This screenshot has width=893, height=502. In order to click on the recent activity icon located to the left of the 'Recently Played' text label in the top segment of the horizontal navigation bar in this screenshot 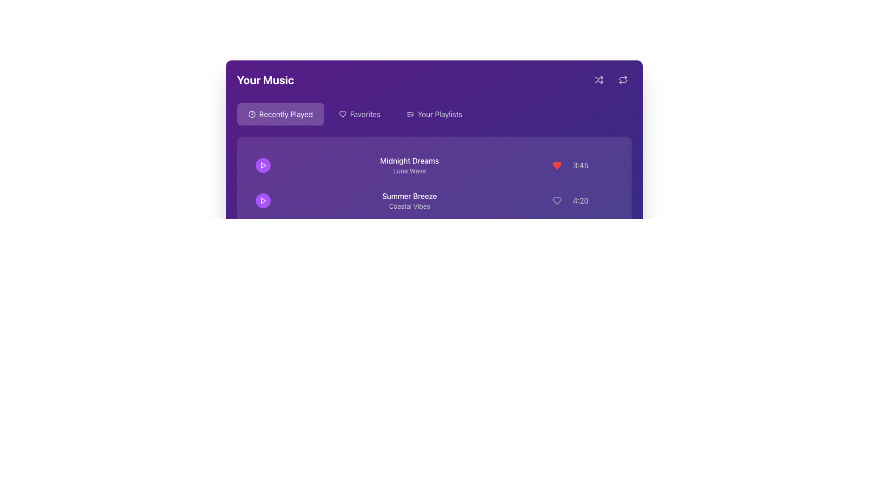, I will do `click(252, 114)`.